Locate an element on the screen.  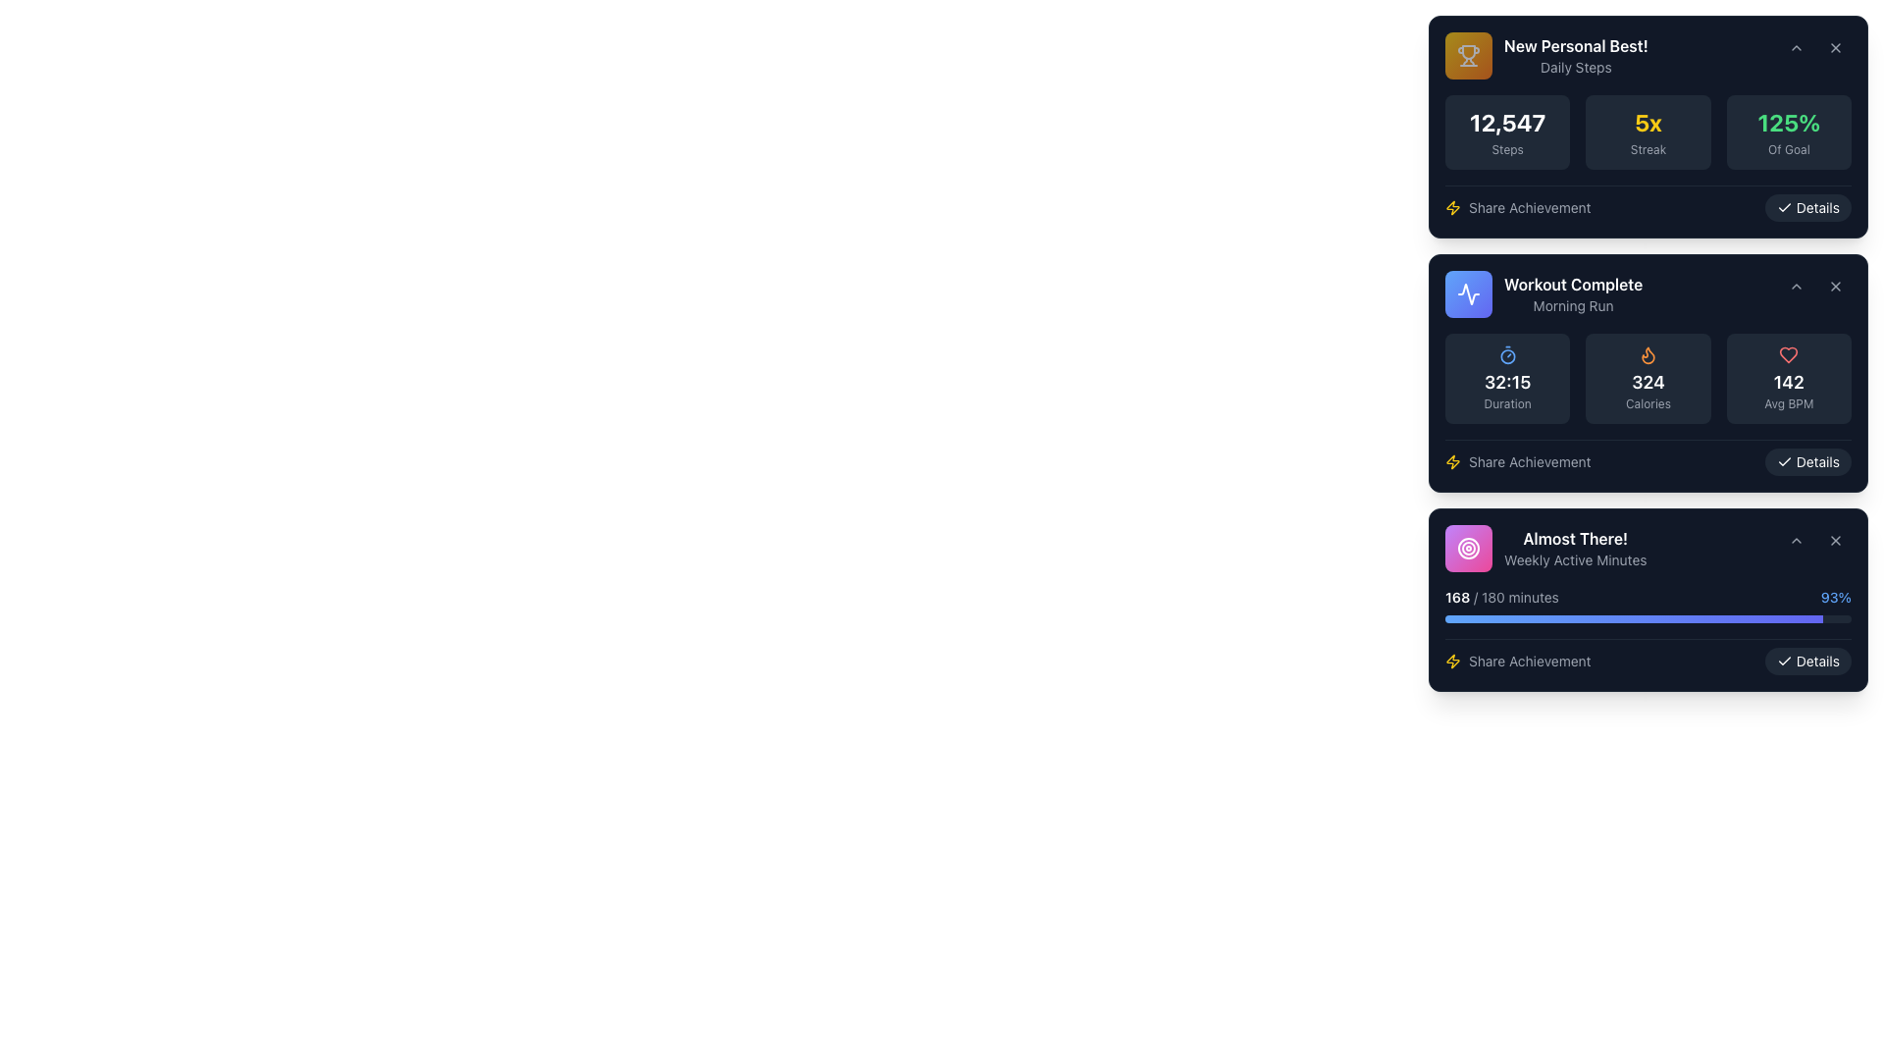
the chevron icon in the upper-right corner of the 'New Personal Best!' card is located at coordinates (1796, 47).